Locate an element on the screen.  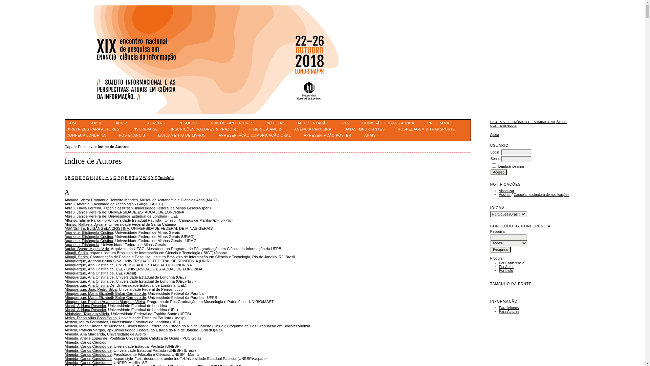
'HOSPEDAGEM & TRANSPORTE' is located at coordinates (426, 129).